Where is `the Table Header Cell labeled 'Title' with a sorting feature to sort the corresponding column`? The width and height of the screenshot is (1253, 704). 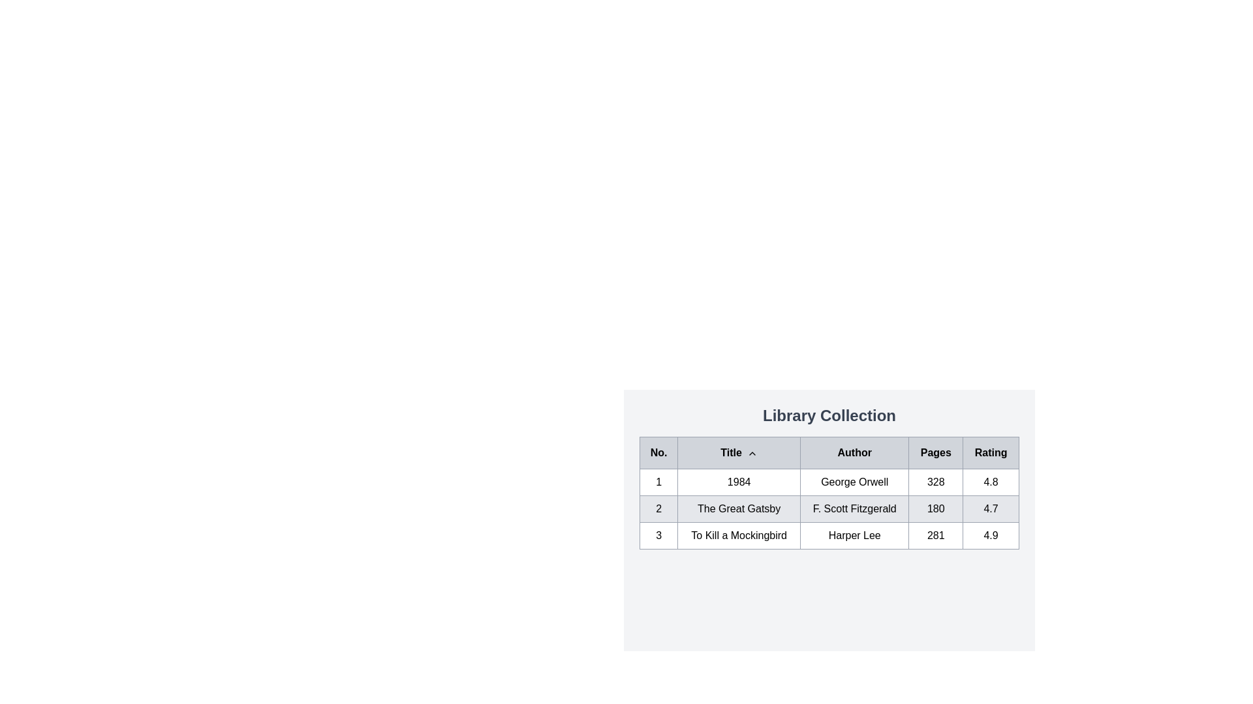 the Table Header Cell labeled 'Title' with a sorting feature to sort the corresponding column is located at coordinates (739, 452).